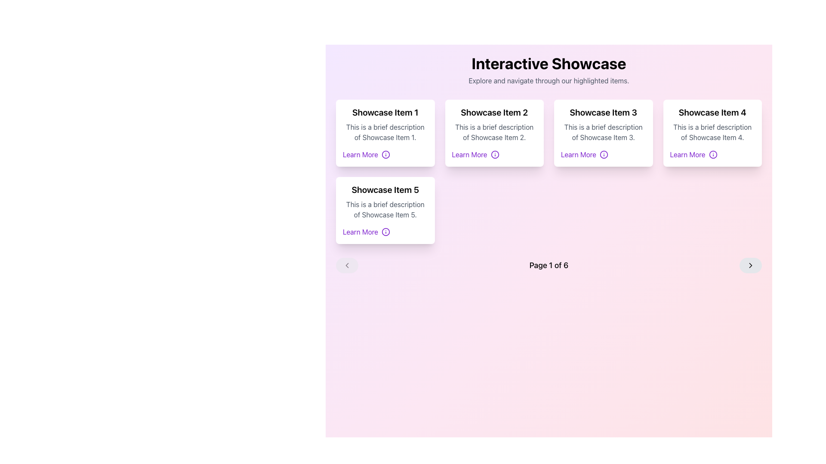  What do you see at coordinates (604, 154) in the screenshot?
I see `the visual representation of the information icon located near the 'Learn More' button under 'Showcase Item 3'` at bounding box center [604, 154].